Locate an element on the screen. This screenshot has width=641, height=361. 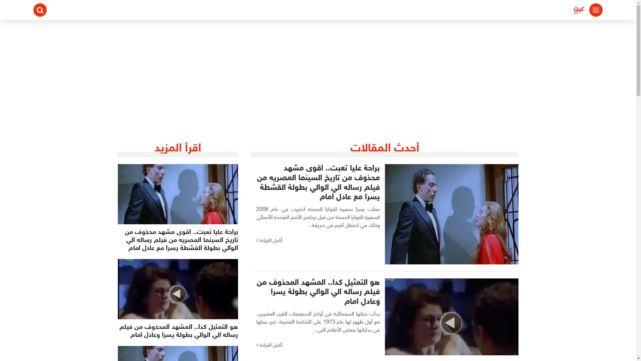
'Advertisement' is located at coordinates (317, 70).